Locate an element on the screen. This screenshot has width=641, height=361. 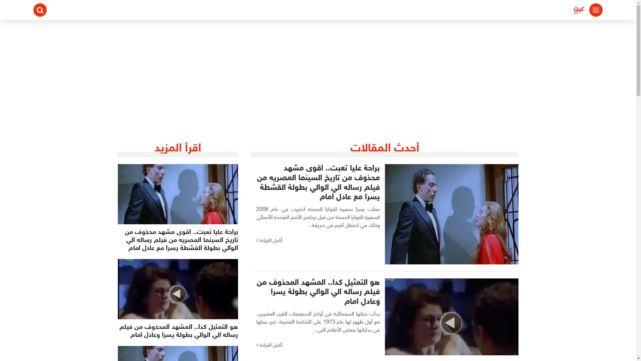
'Advertisement' is located at coordinates (317, 70).